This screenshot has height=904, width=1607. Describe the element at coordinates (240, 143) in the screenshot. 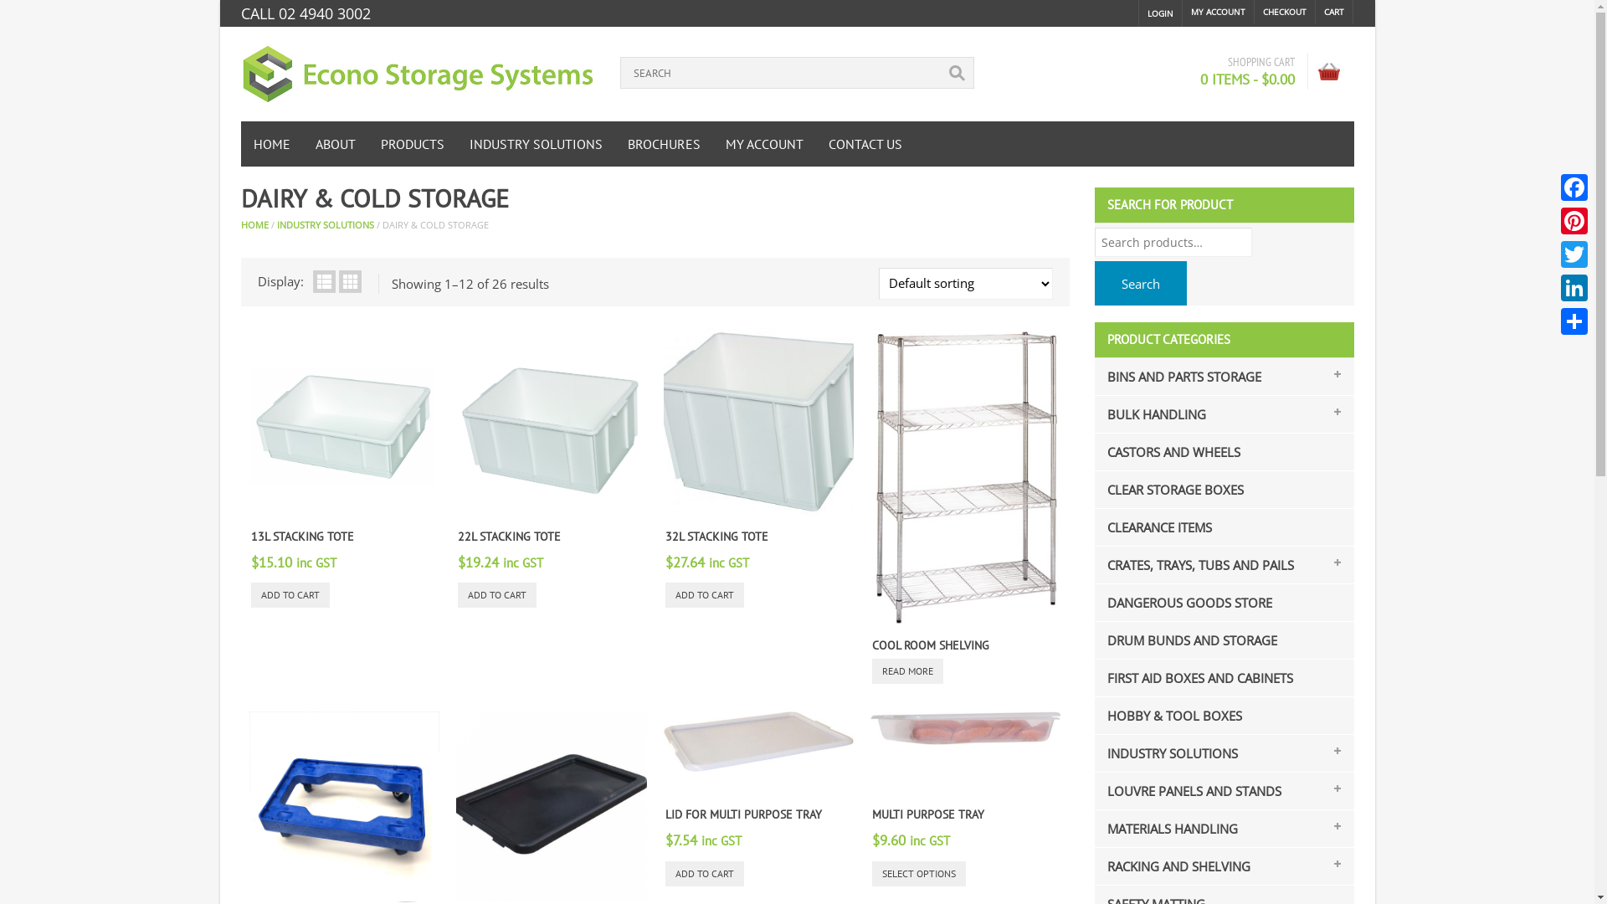

I see `'HOME'` at that location.